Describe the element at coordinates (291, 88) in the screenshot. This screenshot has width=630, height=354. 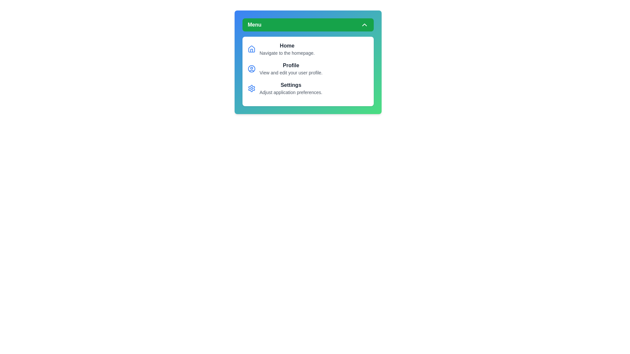
I see `the menu item Settings to perform its associated action` at that location.